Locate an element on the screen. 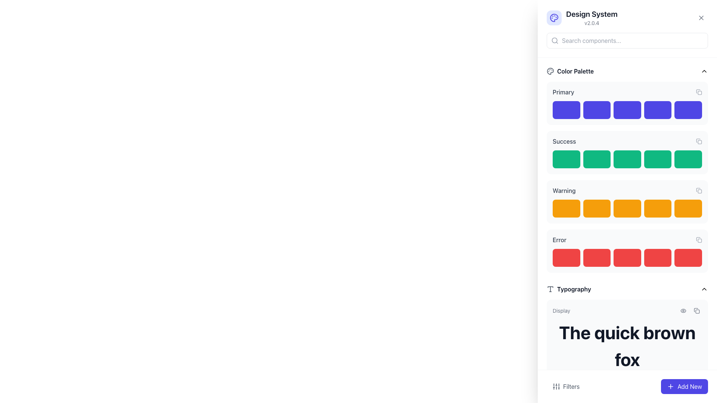 The width and height of the screenshot is (717, 403). the second color option in the Warning section of the Color Palette is located at coordinates (596, 209).